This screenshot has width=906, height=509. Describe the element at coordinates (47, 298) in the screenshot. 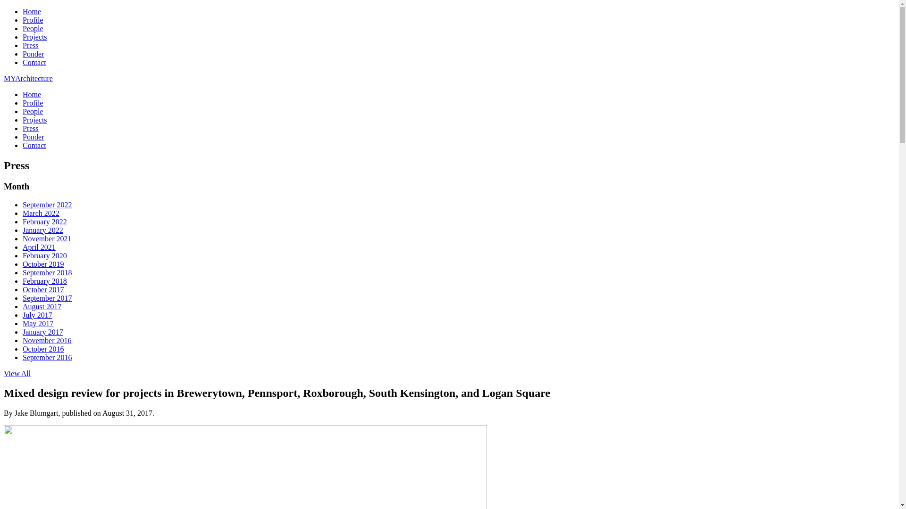

I see `'September 2017'` at that location.